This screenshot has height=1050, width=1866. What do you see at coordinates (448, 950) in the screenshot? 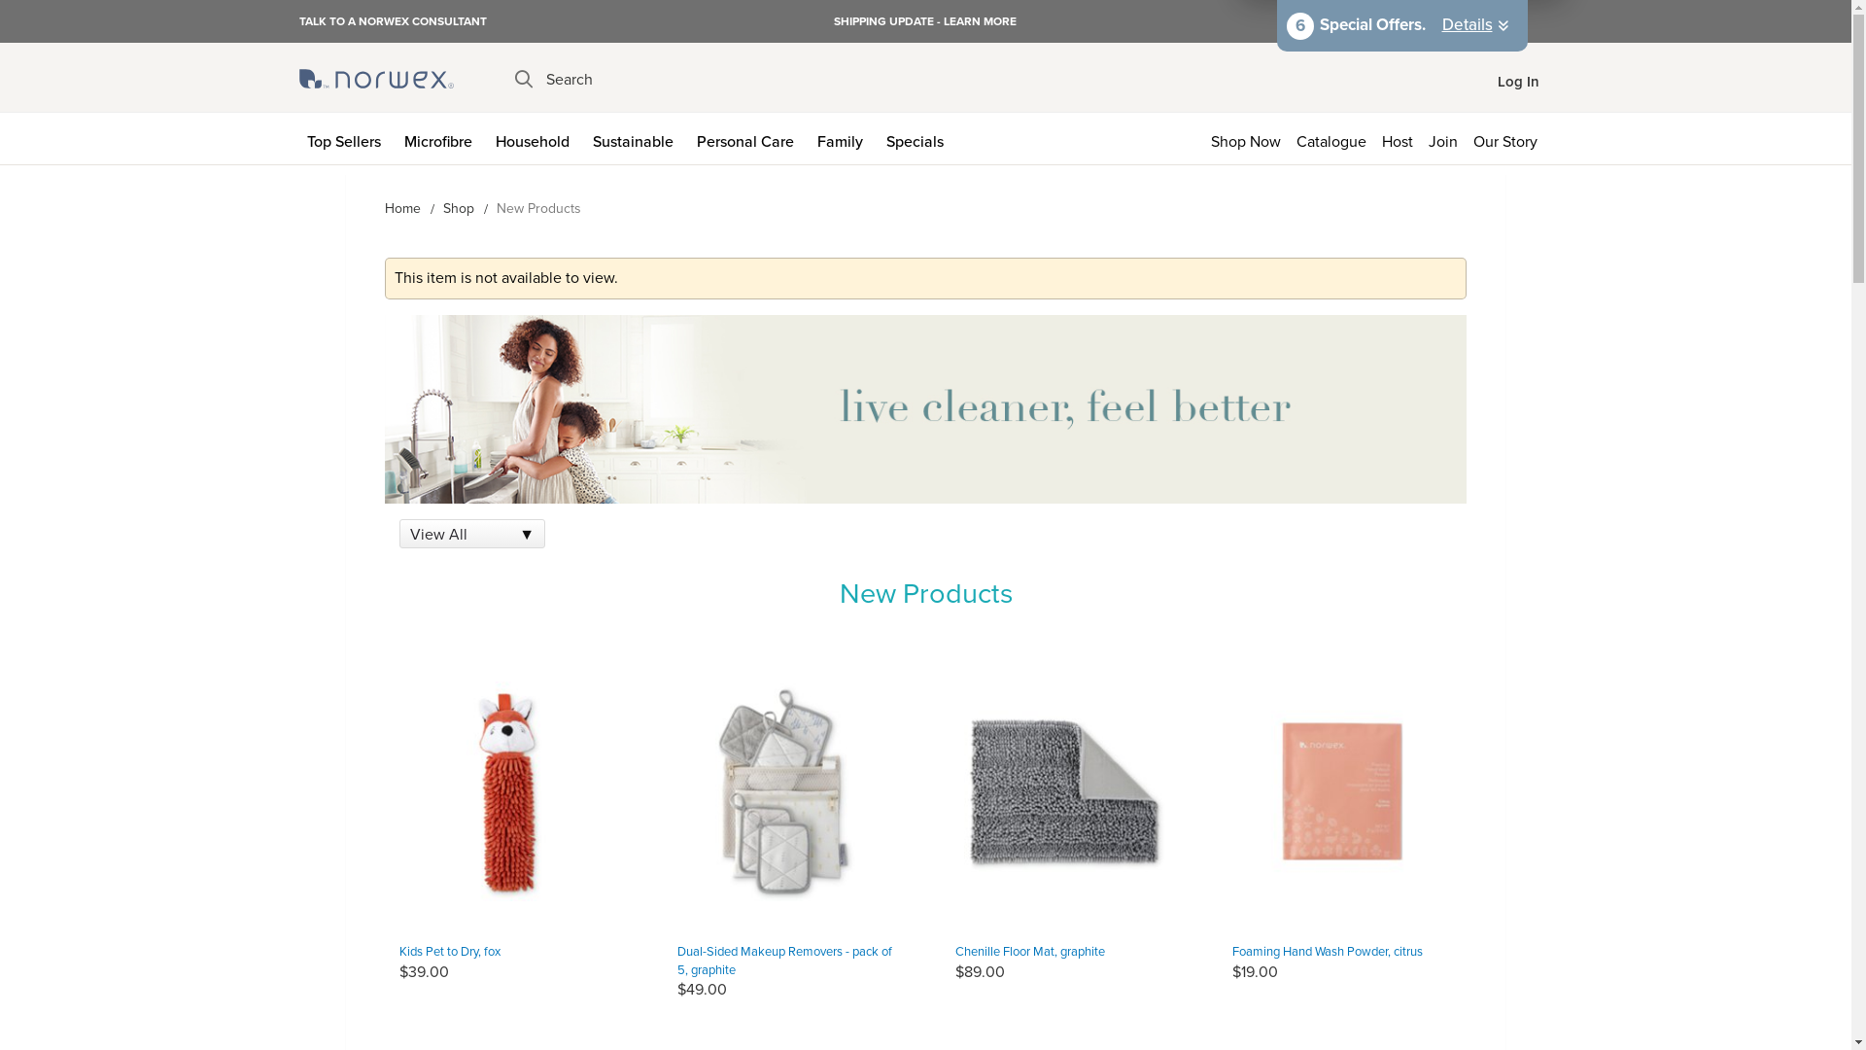
I see `'Kids Pet to Dry, fox'` at bounding box center [448, 950].